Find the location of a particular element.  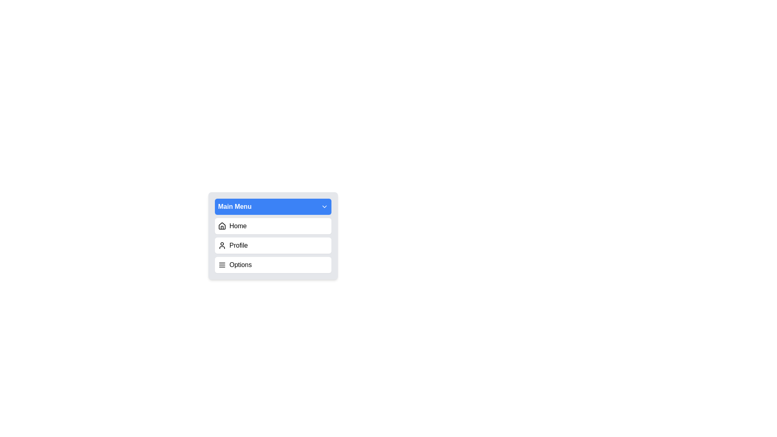

the 'Profile' menu item, which is styled with a white background and rounded corners and is located in the second position under the 'Main Menu' is located at coordinates (273, 245).